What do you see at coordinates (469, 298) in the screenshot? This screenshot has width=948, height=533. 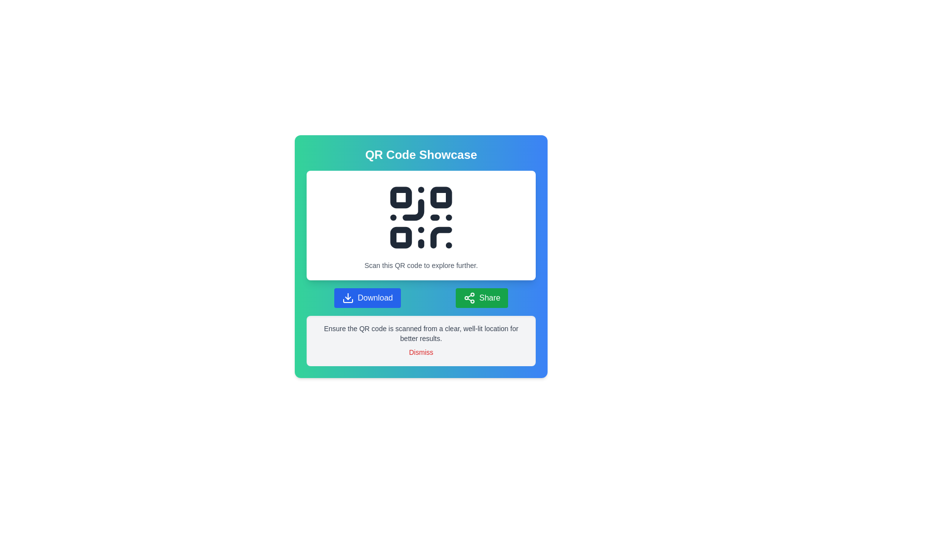 I see `the sharing icon, which is represented by three connected circular nodes forming a triangular shape, located on the left side of the green 'Share' button` at bounding box center [469, 298].